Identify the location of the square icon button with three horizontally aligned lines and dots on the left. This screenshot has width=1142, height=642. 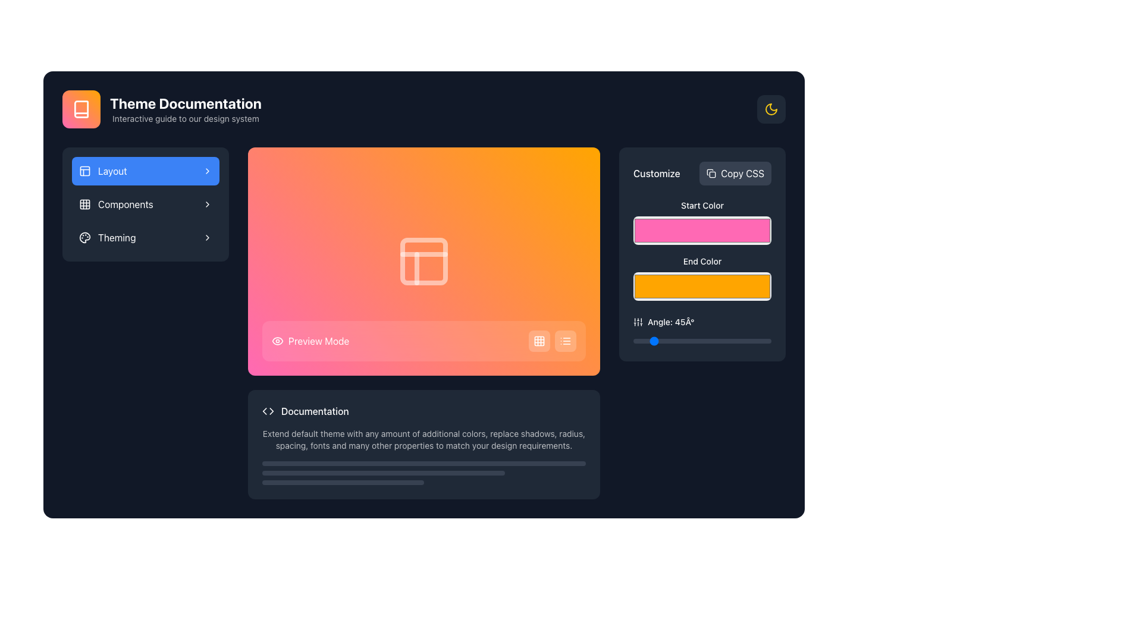
(564, 341).